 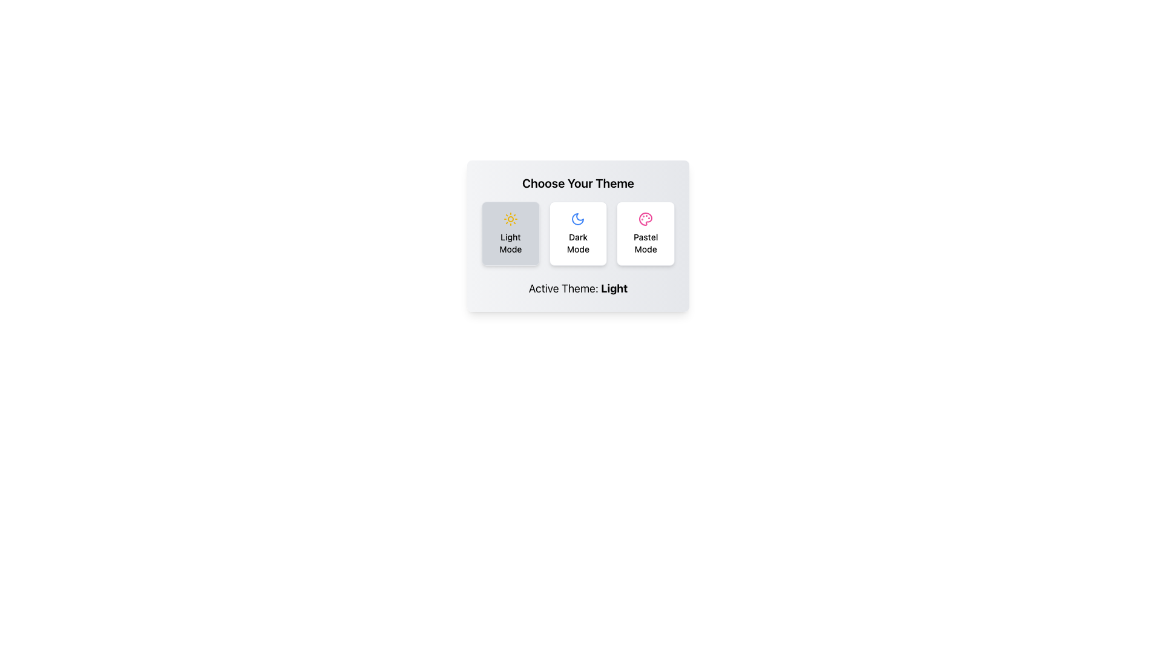 I want to click on the selectable theme options in the 'Choose Your Theme' Card UI Component by clicking on it, so click(x=577, y=236).